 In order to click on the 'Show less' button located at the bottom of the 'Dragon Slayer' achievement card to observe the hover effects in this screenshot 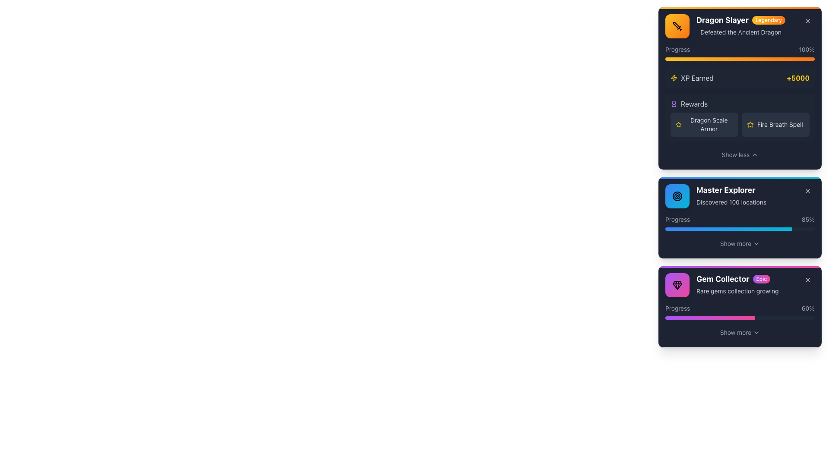, I will do `click(739, 154)`.